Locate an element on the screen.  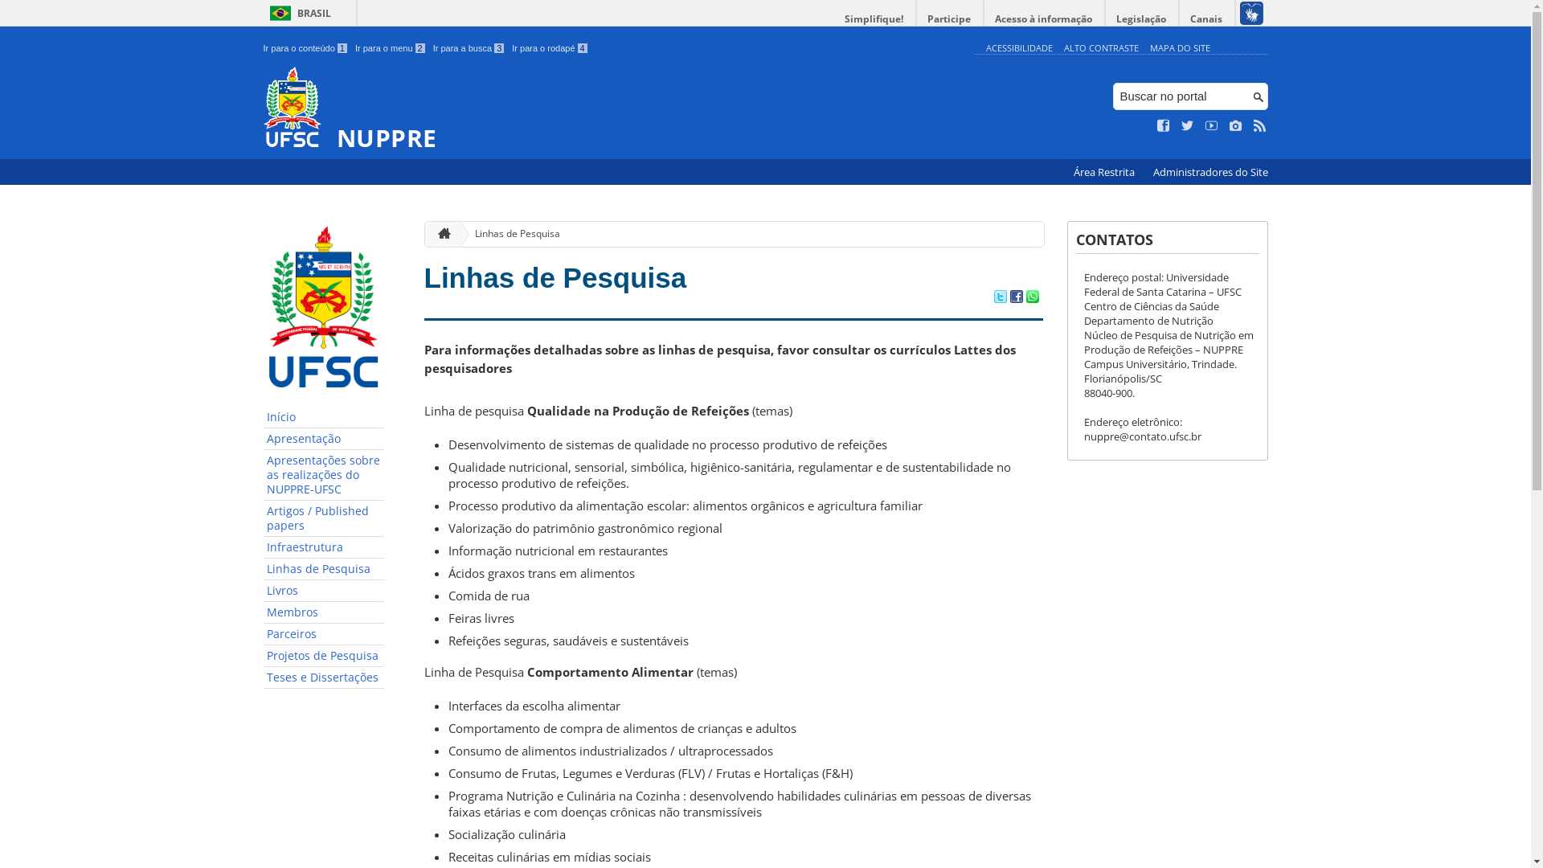
'Infraestrutura' is located at coordinates (323, 547).